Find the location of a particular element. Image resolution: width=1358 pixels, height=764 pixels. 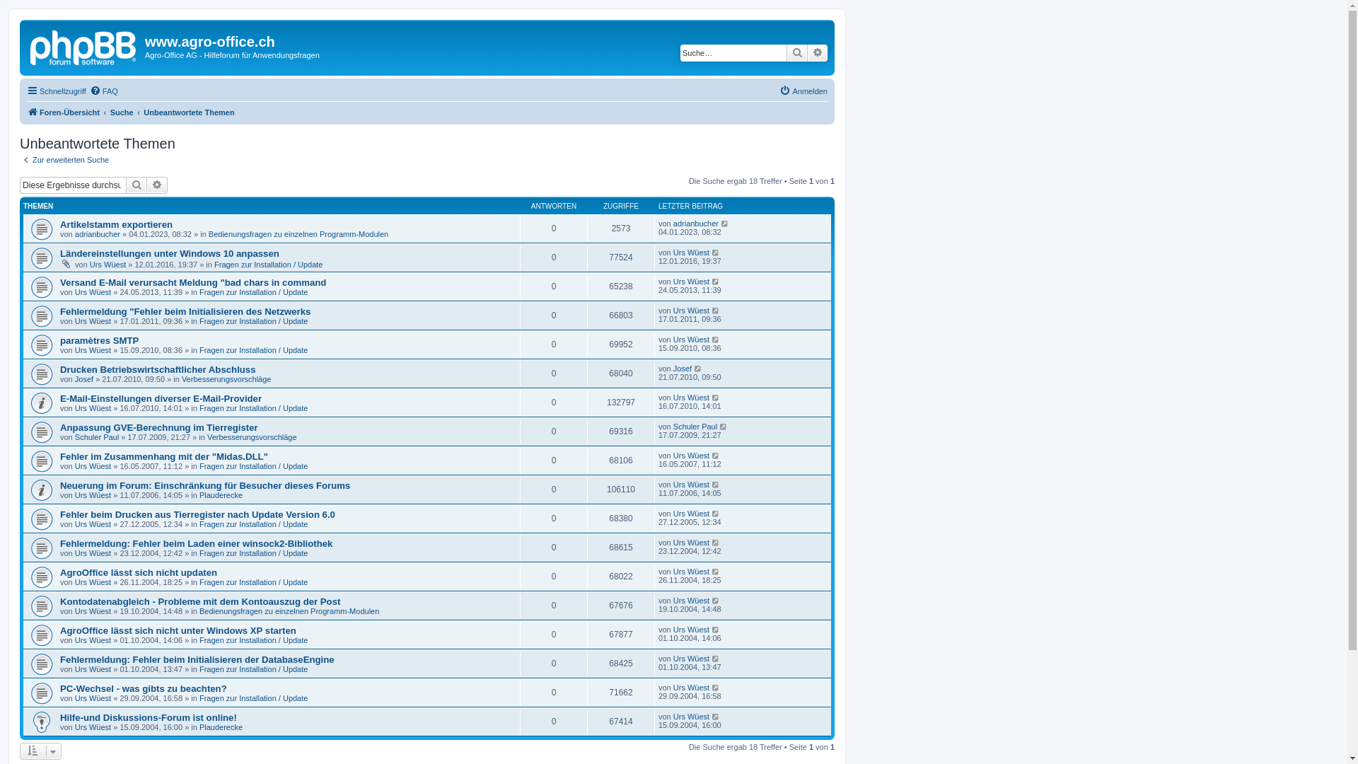

'E-Mail-Einstellungen diverser E-Mail-Provider' is located at coordinates (161, 398).